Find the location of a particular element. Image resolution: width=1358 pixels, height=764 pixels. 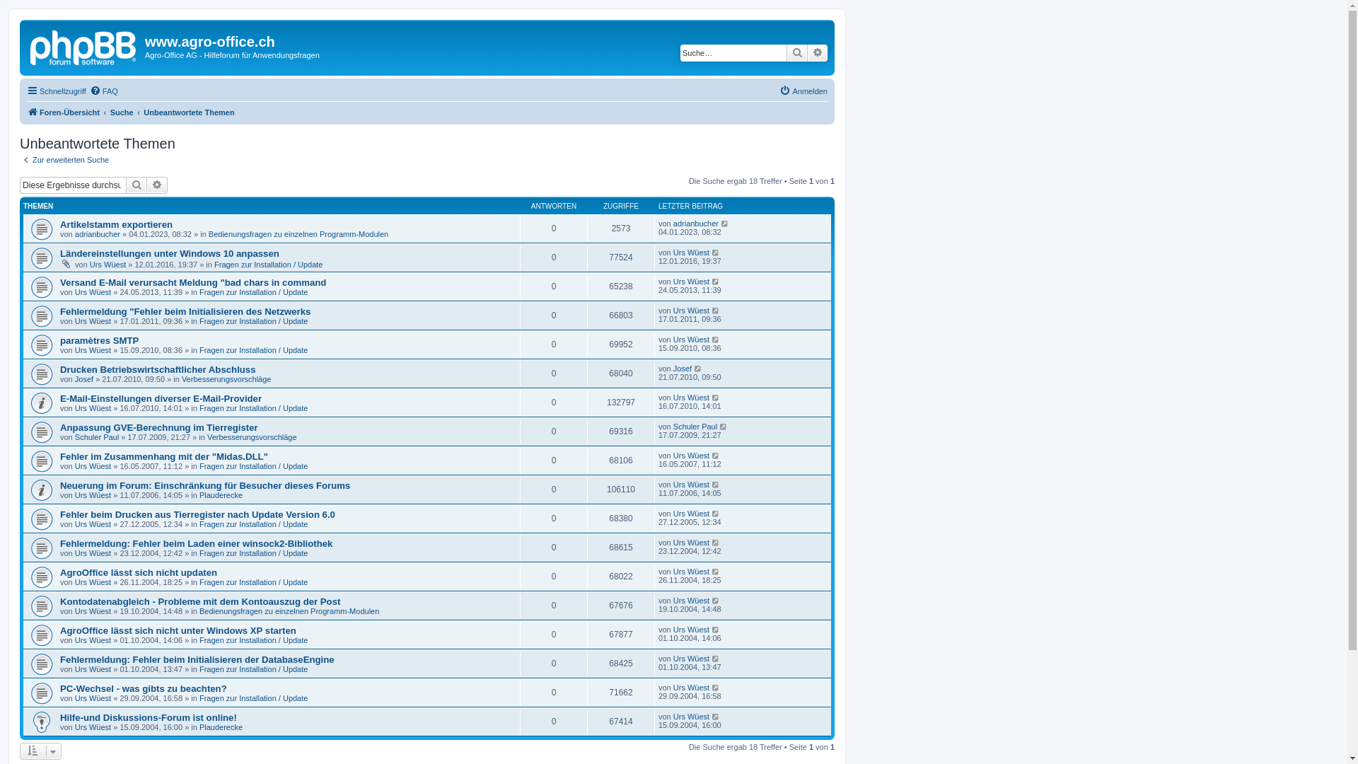

'E-Mail-Einstellungen diverser E-Mail-Provider' is located at coordinates (161, 398).